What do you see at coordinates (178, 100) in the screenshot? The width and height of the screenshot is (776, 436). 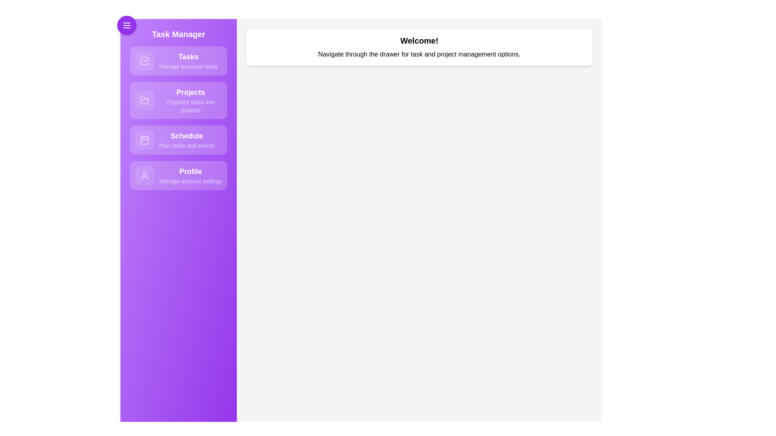 I see `the navigation item labeled 'Projects' to observe its hover effect` at bounding box center [178, 100].